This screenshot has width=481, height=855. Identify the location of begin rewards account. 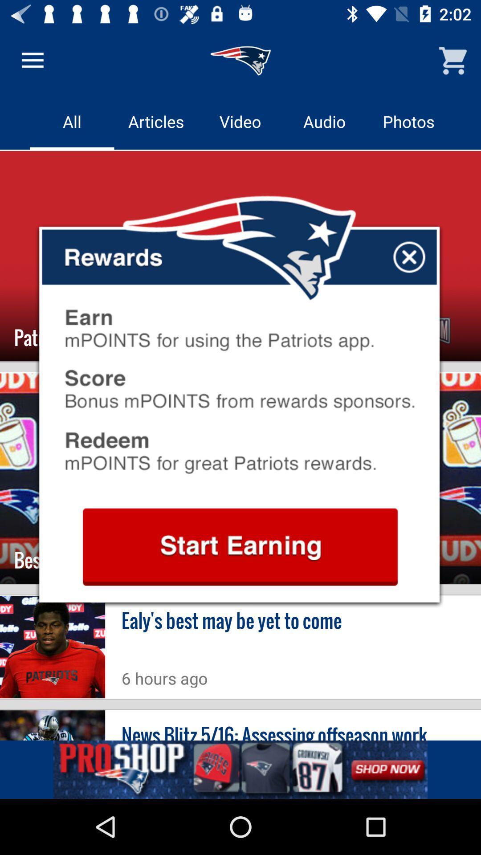
(240, 546).